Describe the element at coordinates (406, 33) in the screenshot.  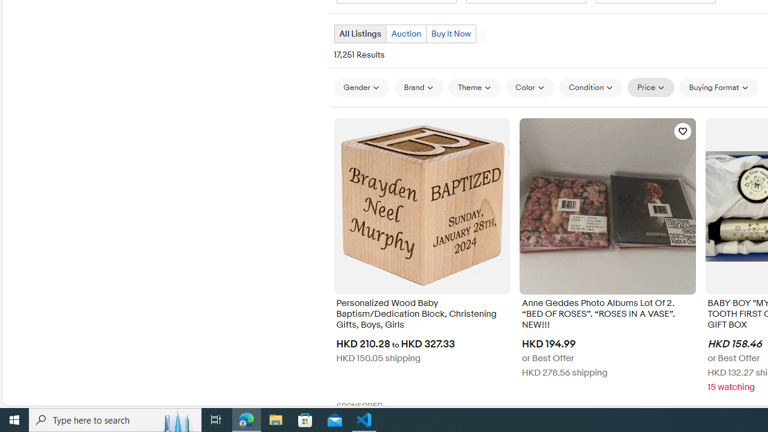
I see `'Auction'` at that location.